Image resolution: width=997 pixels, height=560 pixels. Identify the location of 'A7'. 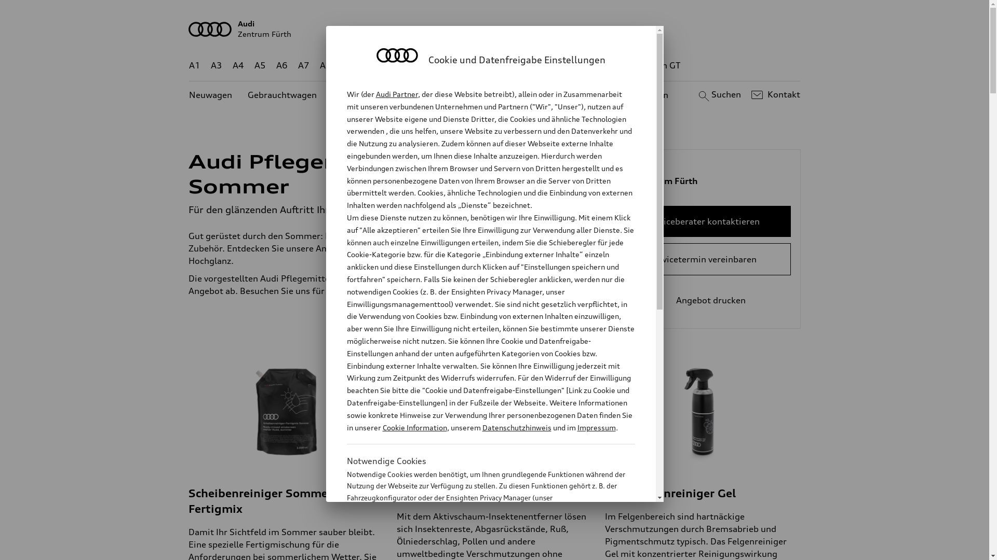
(303, 65).